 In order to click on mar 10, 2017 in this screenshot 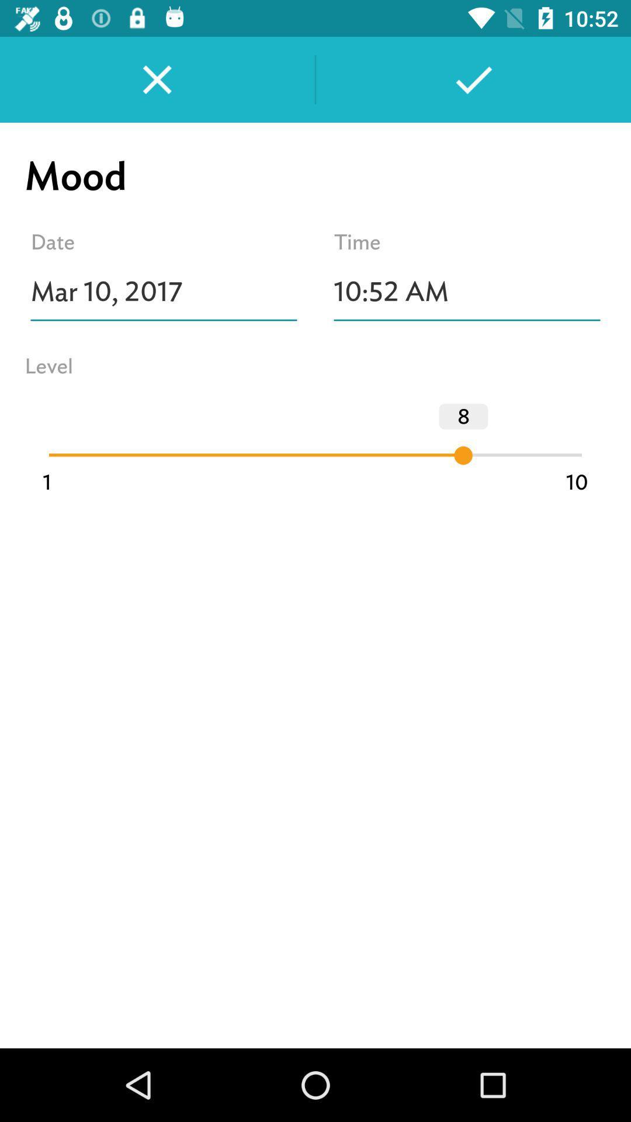, I will do `click(164, 292)`.